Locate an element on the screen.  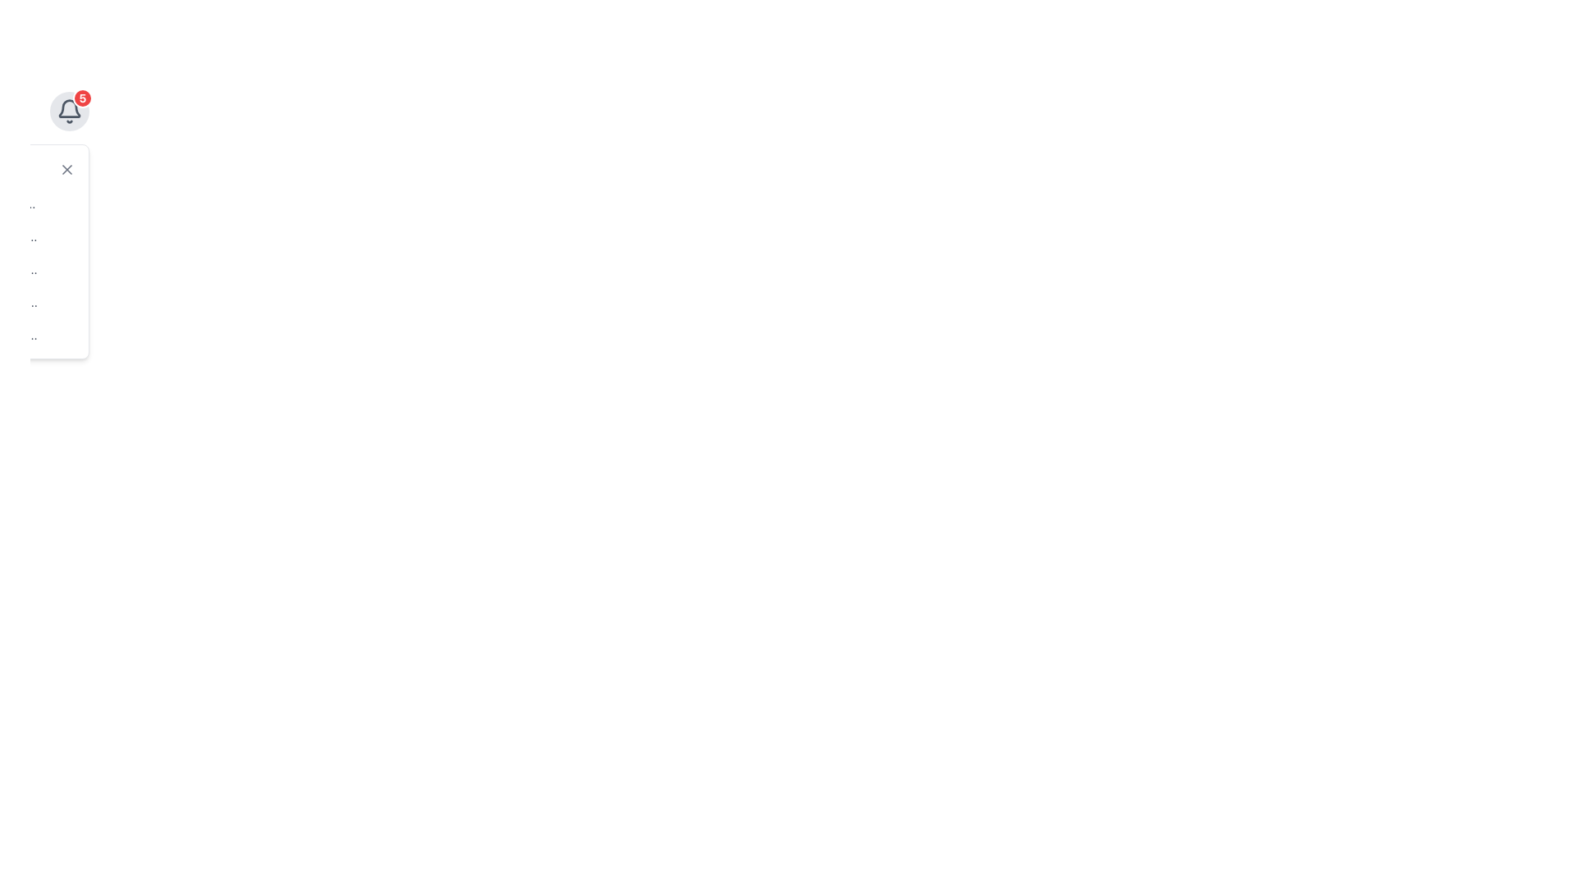
the bell icon located in a circular button at the top-left corner of the interface, which has a red badge indicating 5 notifications is located at coordinates (69, 111).